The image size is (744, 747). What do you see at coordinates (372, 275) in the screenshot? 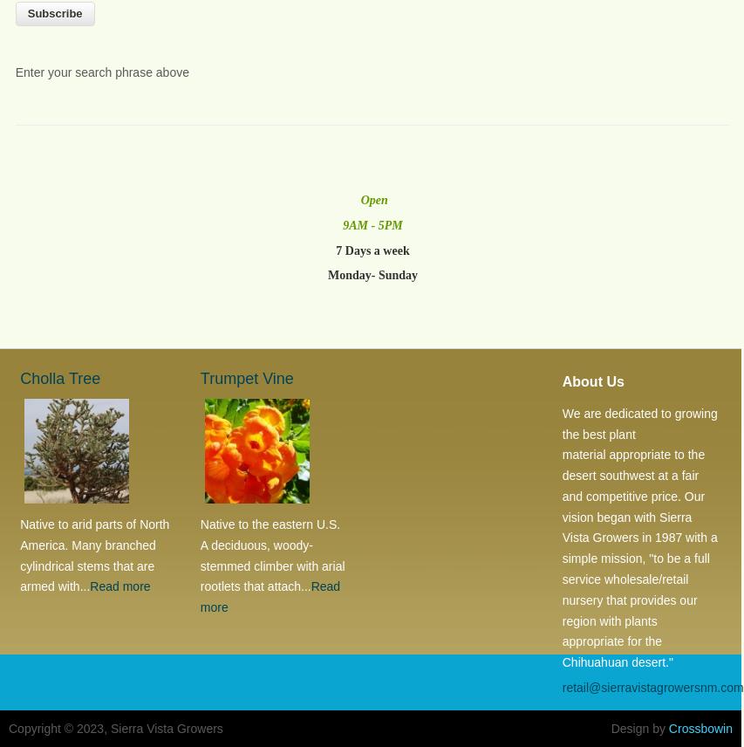
I see `'Monday- Sunday'` at bounding box center [372, 275].